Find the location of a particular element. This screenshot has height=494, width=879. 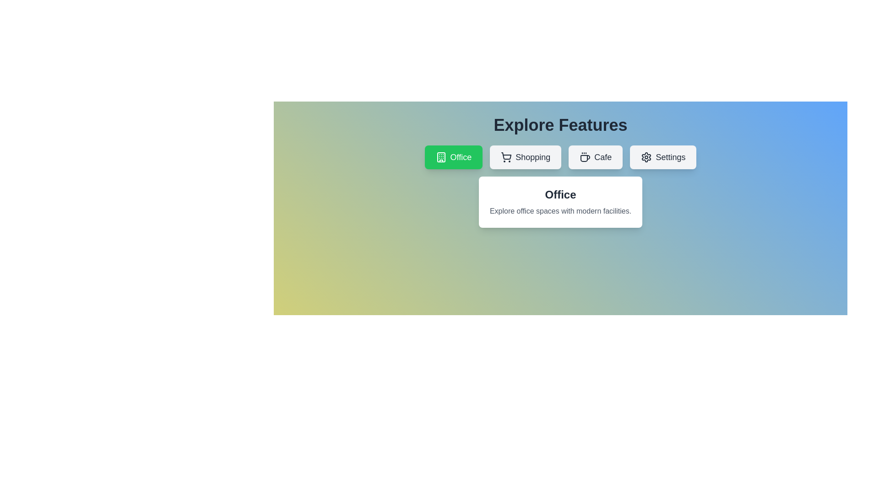

the tab labeled Office is located at coordinates (453, 156).